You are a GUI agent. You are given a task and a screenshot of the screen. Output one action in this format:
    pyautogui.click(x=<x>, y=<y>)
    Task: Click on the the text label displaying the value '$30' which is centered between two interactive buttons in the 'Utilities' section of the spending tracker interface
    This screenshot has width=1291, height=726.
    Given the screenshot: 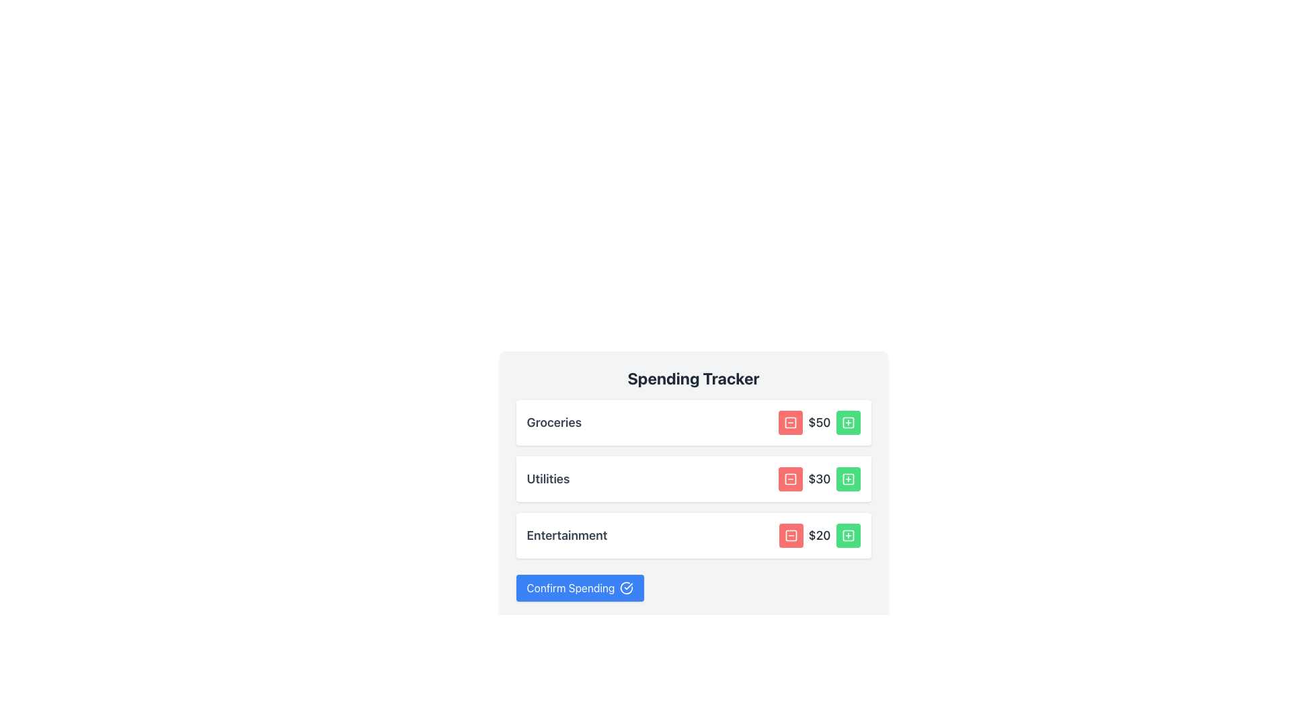 What is the action you would take?
    pyautogui.click(x=818, y=479)
    